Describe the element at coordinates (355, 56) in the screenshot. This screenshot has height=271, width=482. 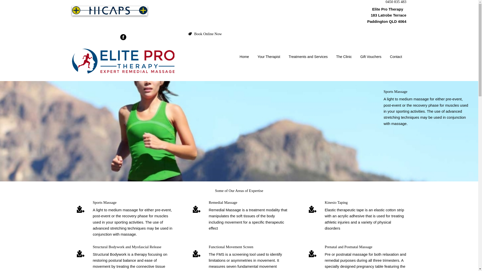
I see `'Gift Vouchers'` at that location.